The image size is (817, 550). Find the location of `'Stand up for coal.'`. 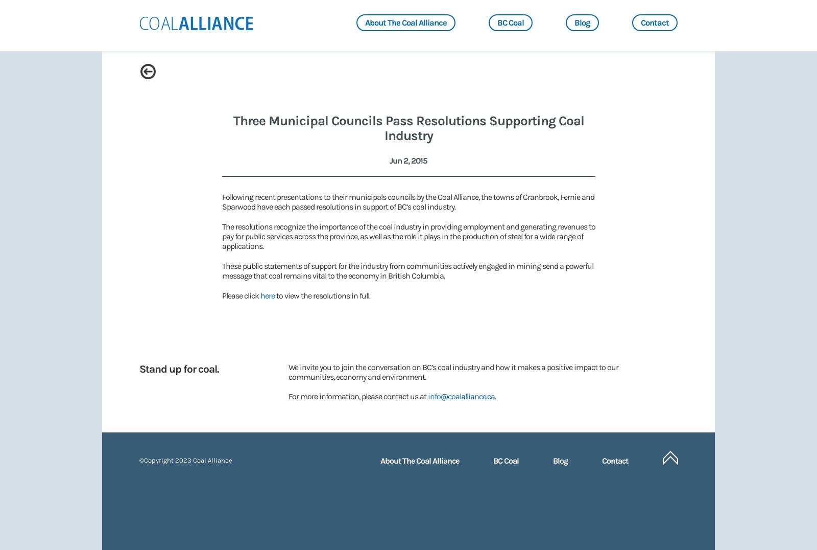

'Stand up for coal.' is located at coordinates (179, 368).